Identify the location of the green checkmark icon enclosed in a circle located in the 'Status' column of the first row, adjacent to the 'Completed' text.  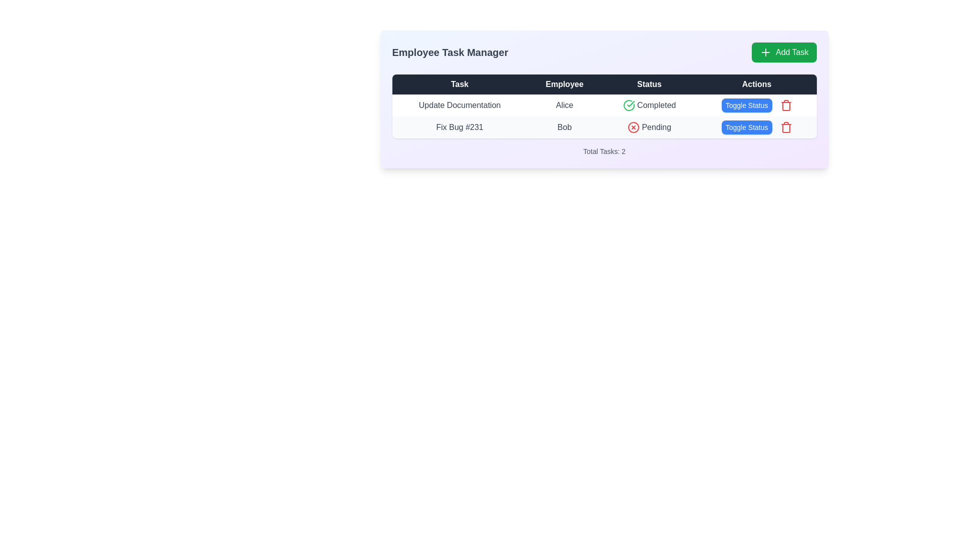
(628, 105).